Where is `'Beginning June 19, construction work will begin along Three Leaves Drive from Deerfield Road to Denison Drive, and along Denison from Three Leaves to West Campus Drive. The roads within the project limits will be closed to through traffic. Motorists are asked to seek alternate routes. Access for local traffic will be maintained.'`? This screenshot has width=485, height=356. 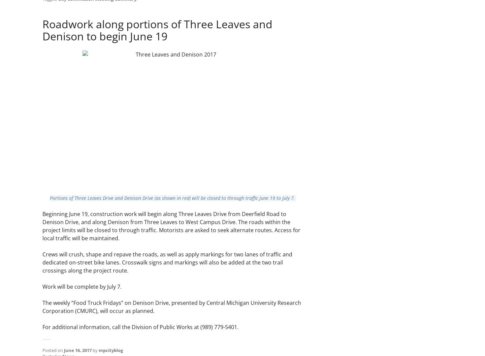
'Beginning June 19, construction work will begin along Three Leaves Drive from Deerfield Road to Denison Drive, and along Denison from Three Leaves to West Campus Drive. The roads within the project limits will be closed to through traffic. Motorists are asked to seek alternate routes. Access for local traffic will be maintained.' is located at coordinates (171, 225).